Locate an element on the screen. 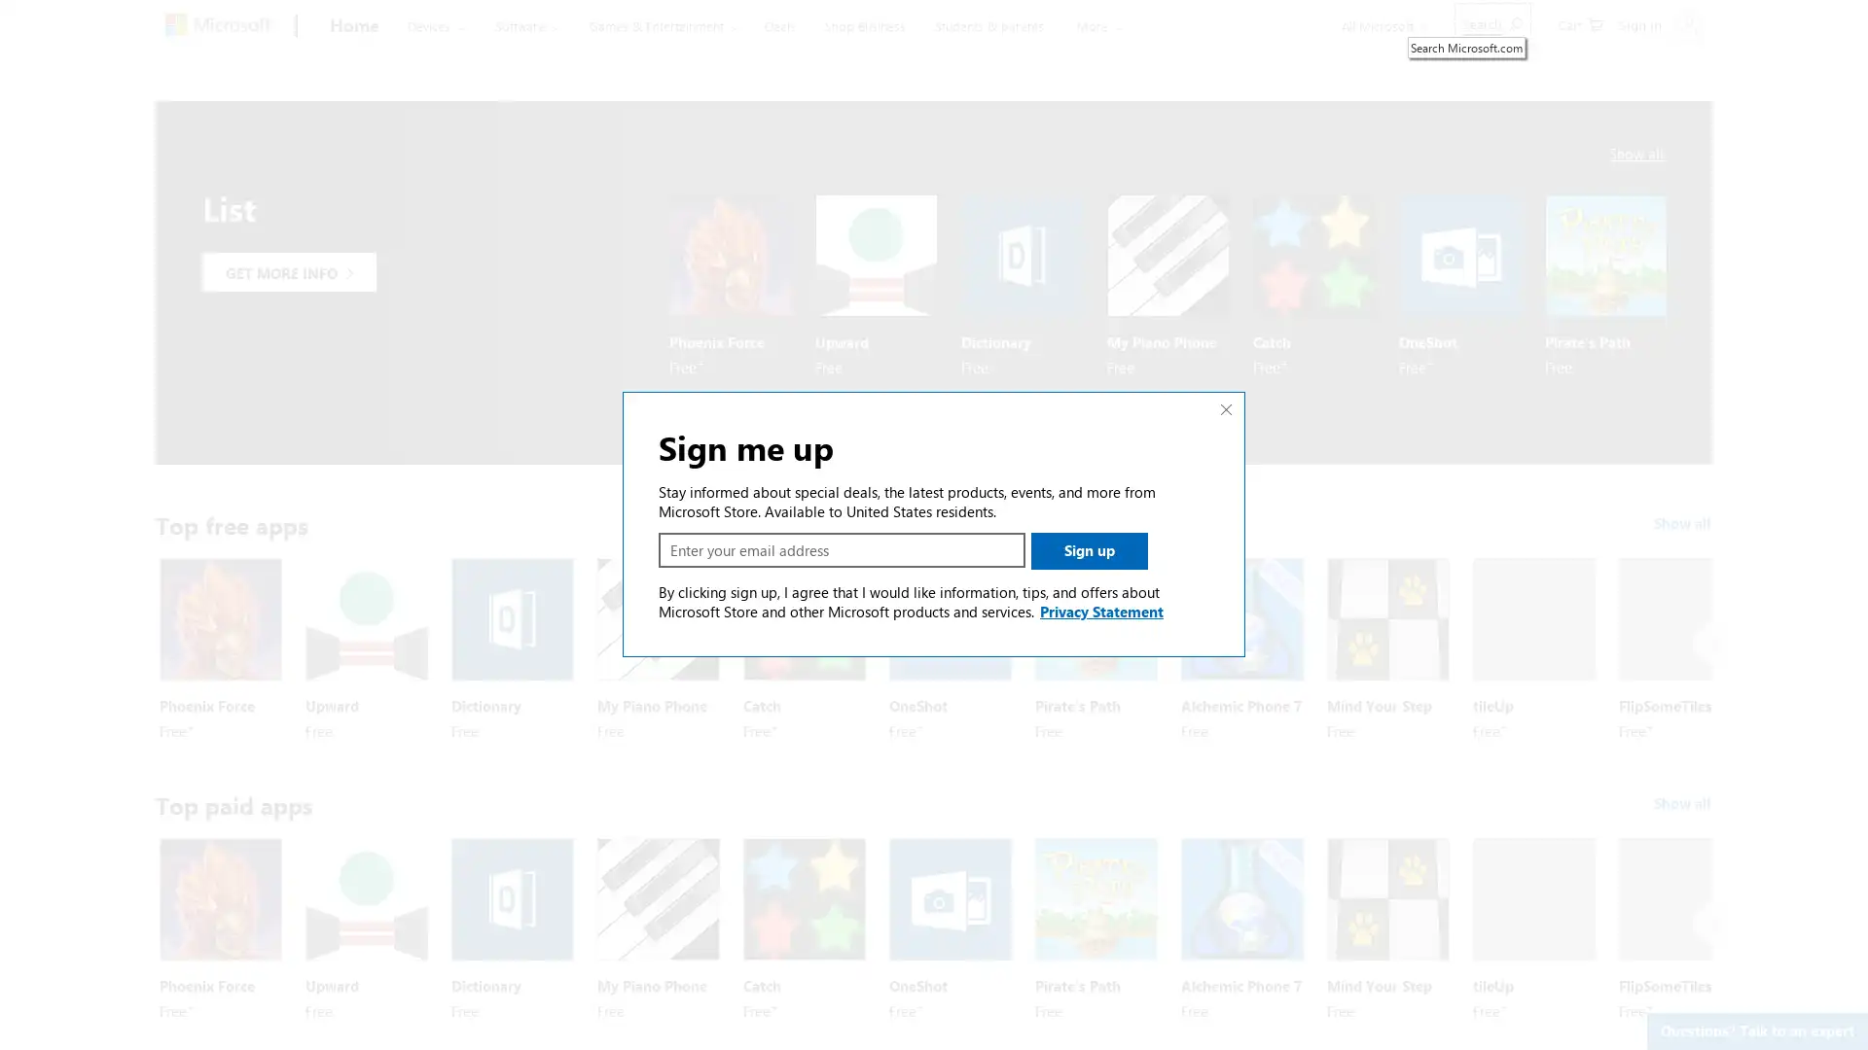 This screenshot has height=1050, width=1868. Sign up is located at coordinates (1088, 551).